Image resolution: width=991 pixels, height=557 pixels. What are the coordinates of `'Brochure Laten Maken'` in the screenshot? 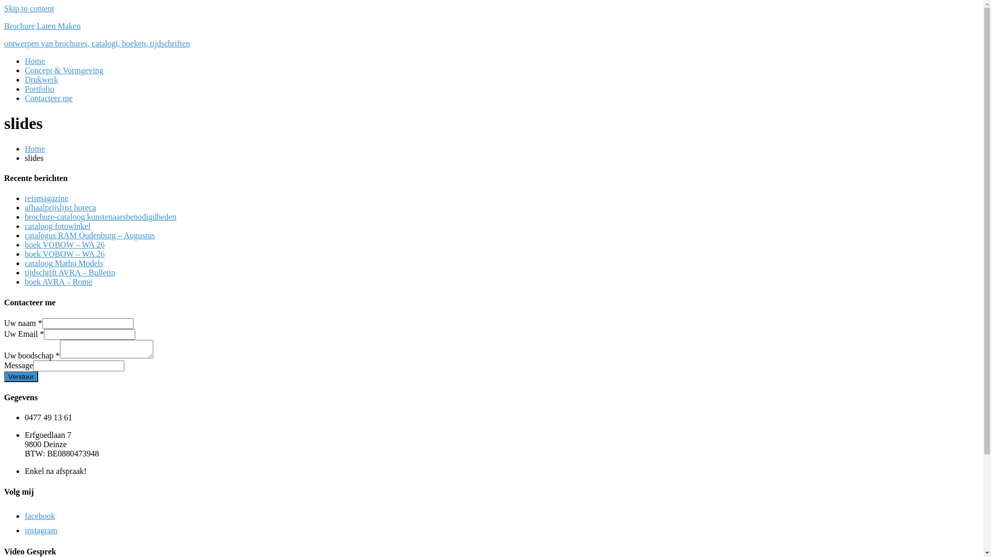 It's located at (4, 25).